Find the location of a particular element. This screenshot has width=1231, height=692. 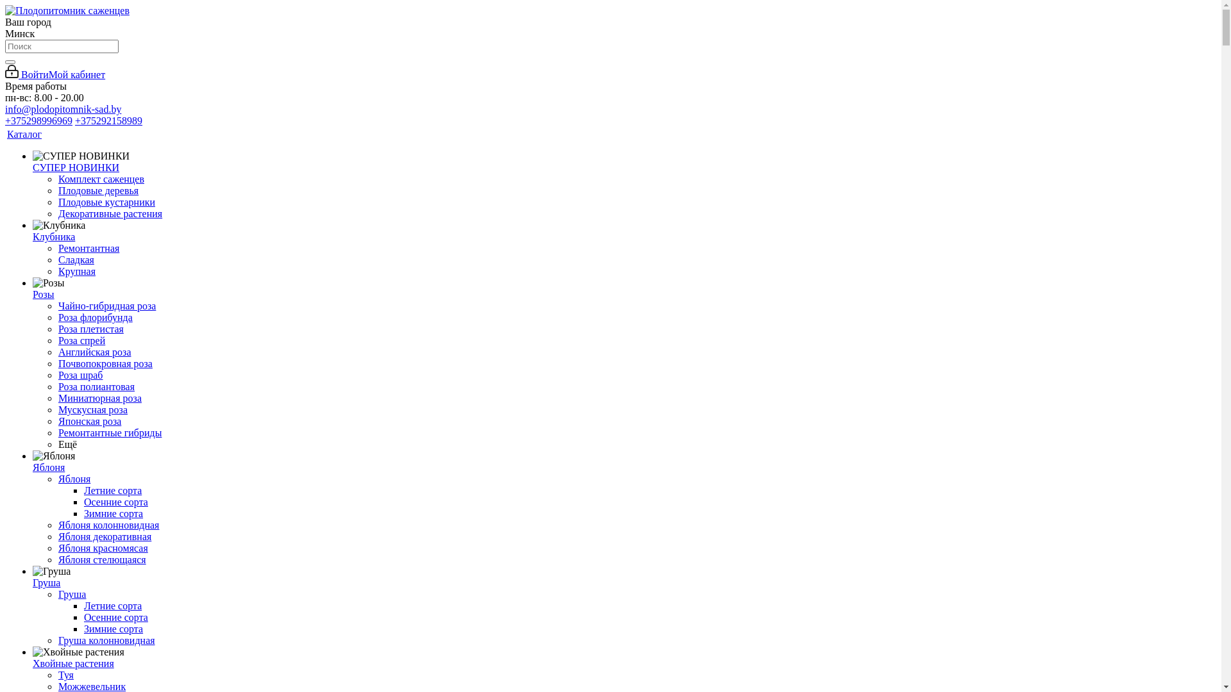

'info@plodopitomnik-sad.by' is located at coordinates (5, 108).